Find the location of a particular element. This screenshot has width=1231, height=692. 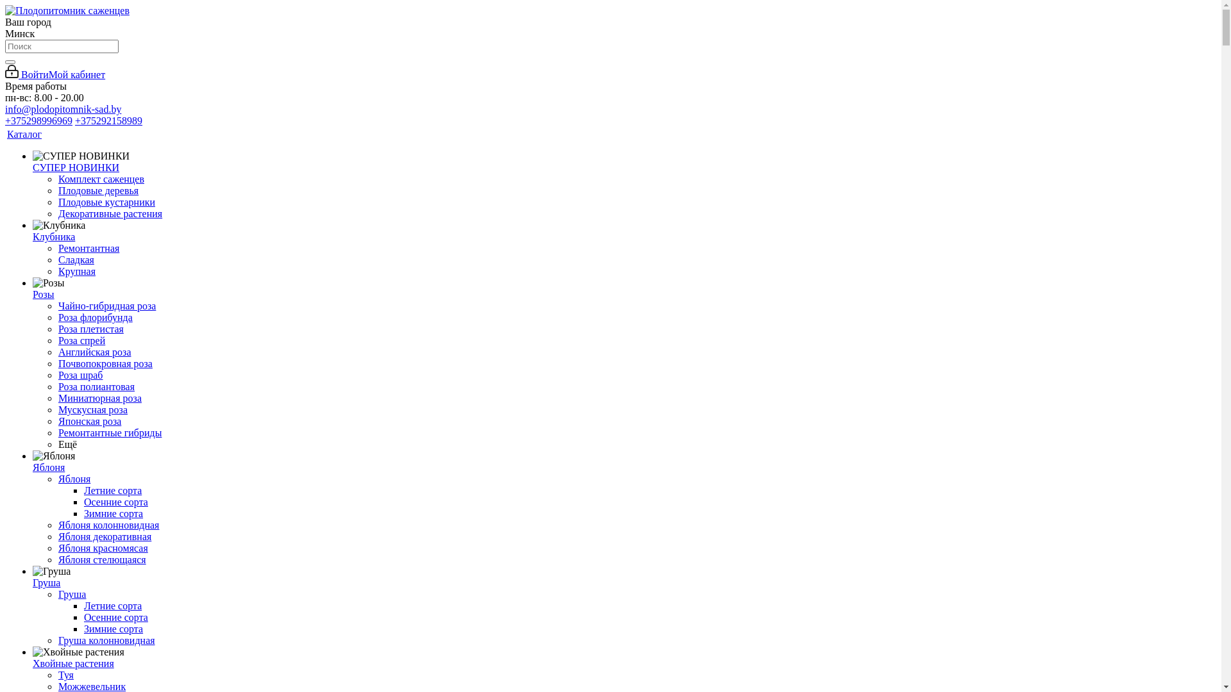

'info@plodopitomnik-sad.by' is located at coordinates (5, 108).